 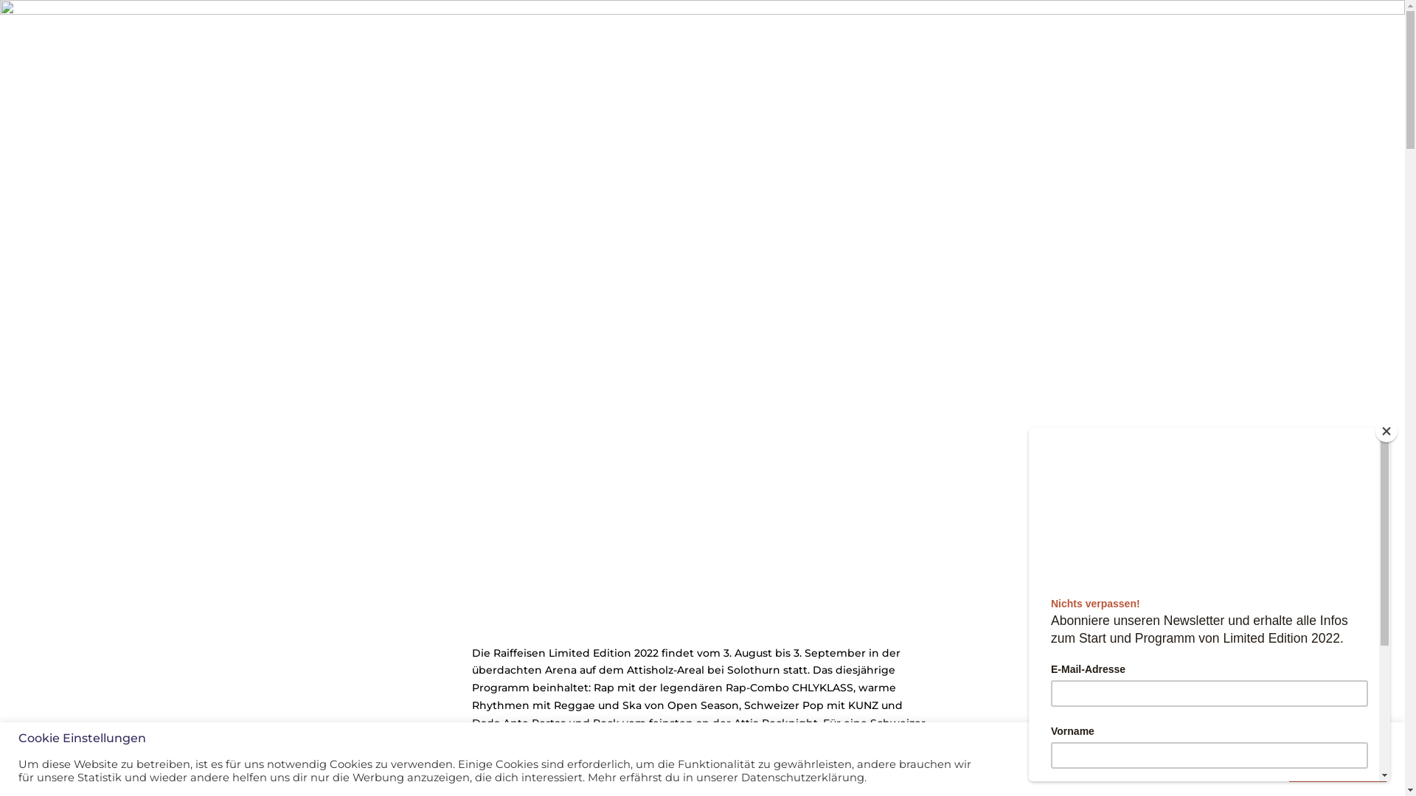 I want to click on 'Alle Akzeptieren', so click(x=1338, y=769).